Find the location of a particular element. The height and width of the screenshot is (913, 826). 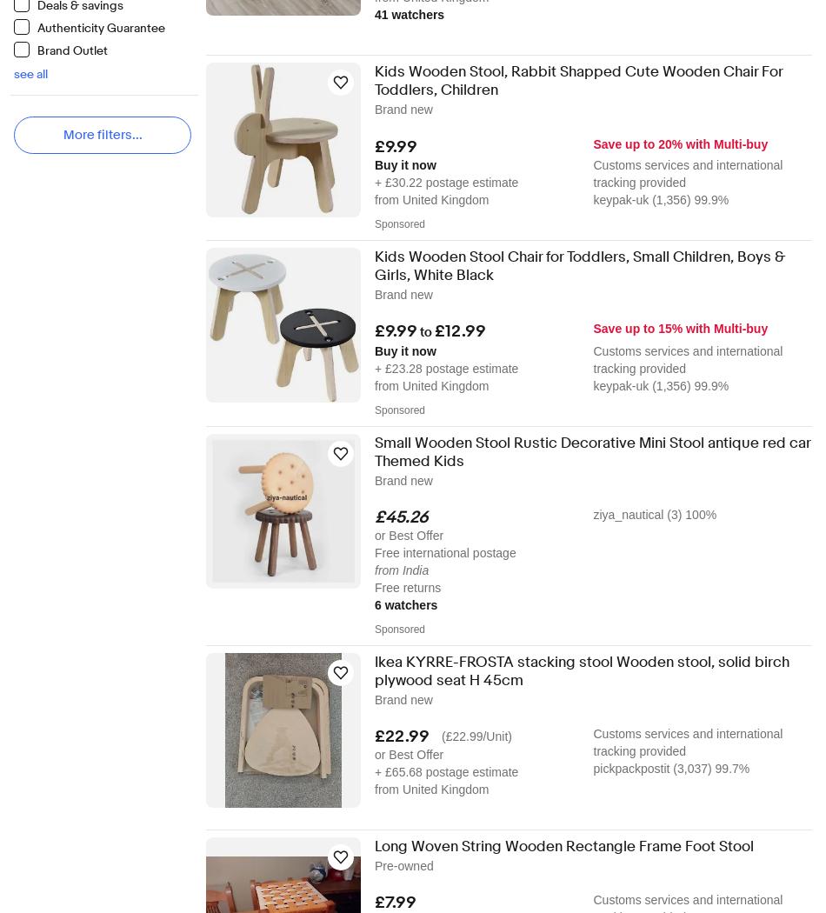

'ziya_nautical (3) 100%' is located at coordinates (653, 513).